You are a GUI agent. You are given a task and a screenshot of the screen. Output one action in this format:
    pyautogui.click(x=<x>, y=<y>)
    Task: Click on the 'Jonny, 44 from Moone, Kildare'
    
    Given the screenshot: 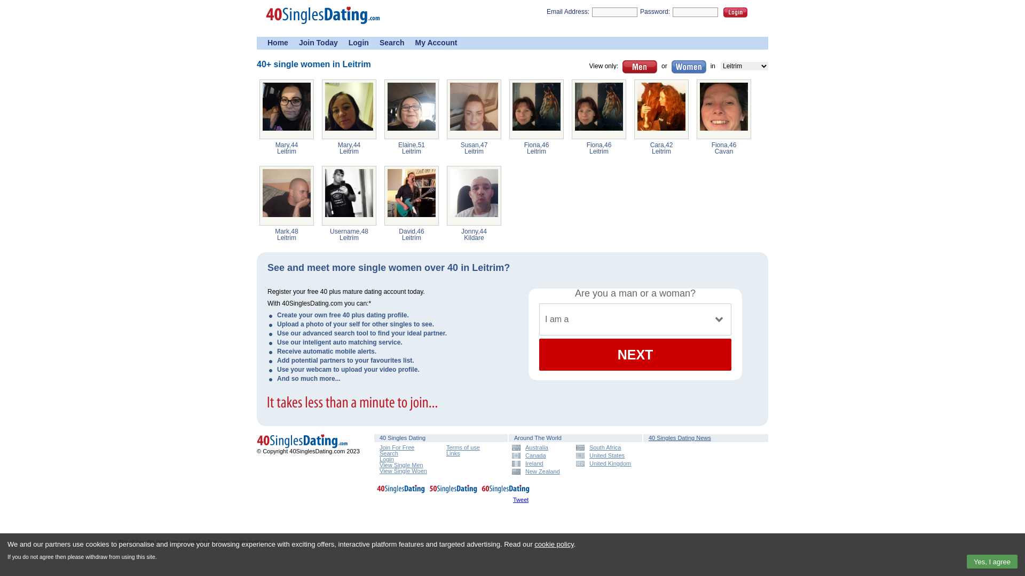 What is the action you would take?
    pyautogui.click(x=474, y=195)
    